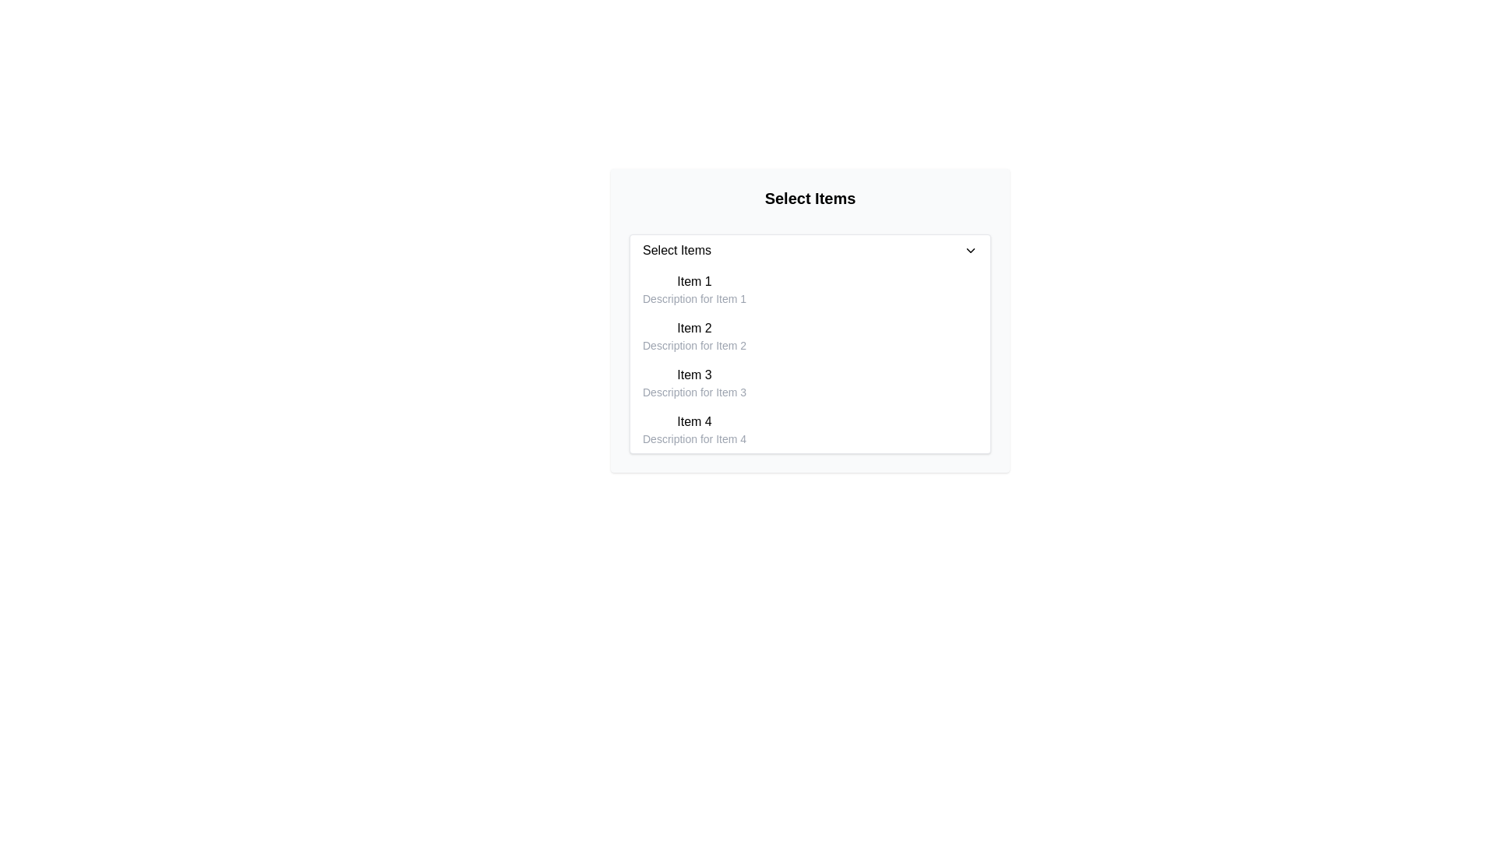 This screenshot has width=1496, height=841. I want to click on the third list item in the 'Select Items' dropdown, which displays an option with both a title and a description, located between 'Item 2' and 'Item 4', so click(810, 383).